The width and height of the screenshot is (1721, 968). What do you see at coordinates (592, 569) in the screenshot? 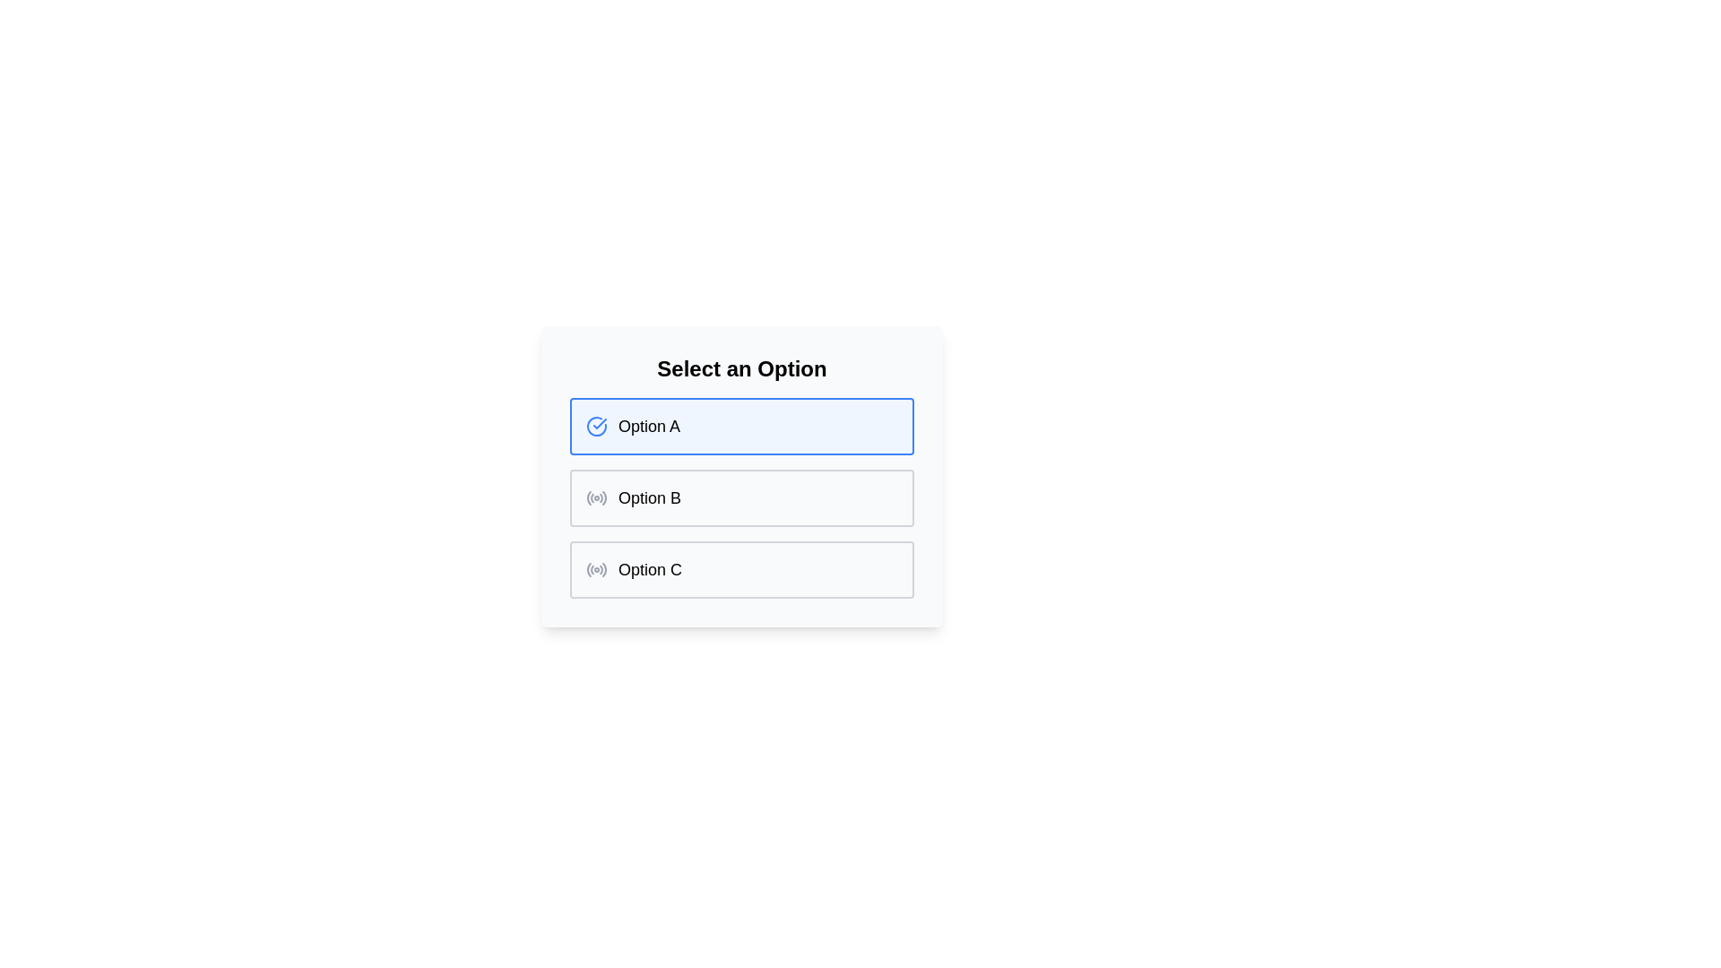
I see `the dark-gray stroke within the radio button icon, specifically the lower-left arc of the second component, located next to the Option A text` at bounding box center [592, 569].